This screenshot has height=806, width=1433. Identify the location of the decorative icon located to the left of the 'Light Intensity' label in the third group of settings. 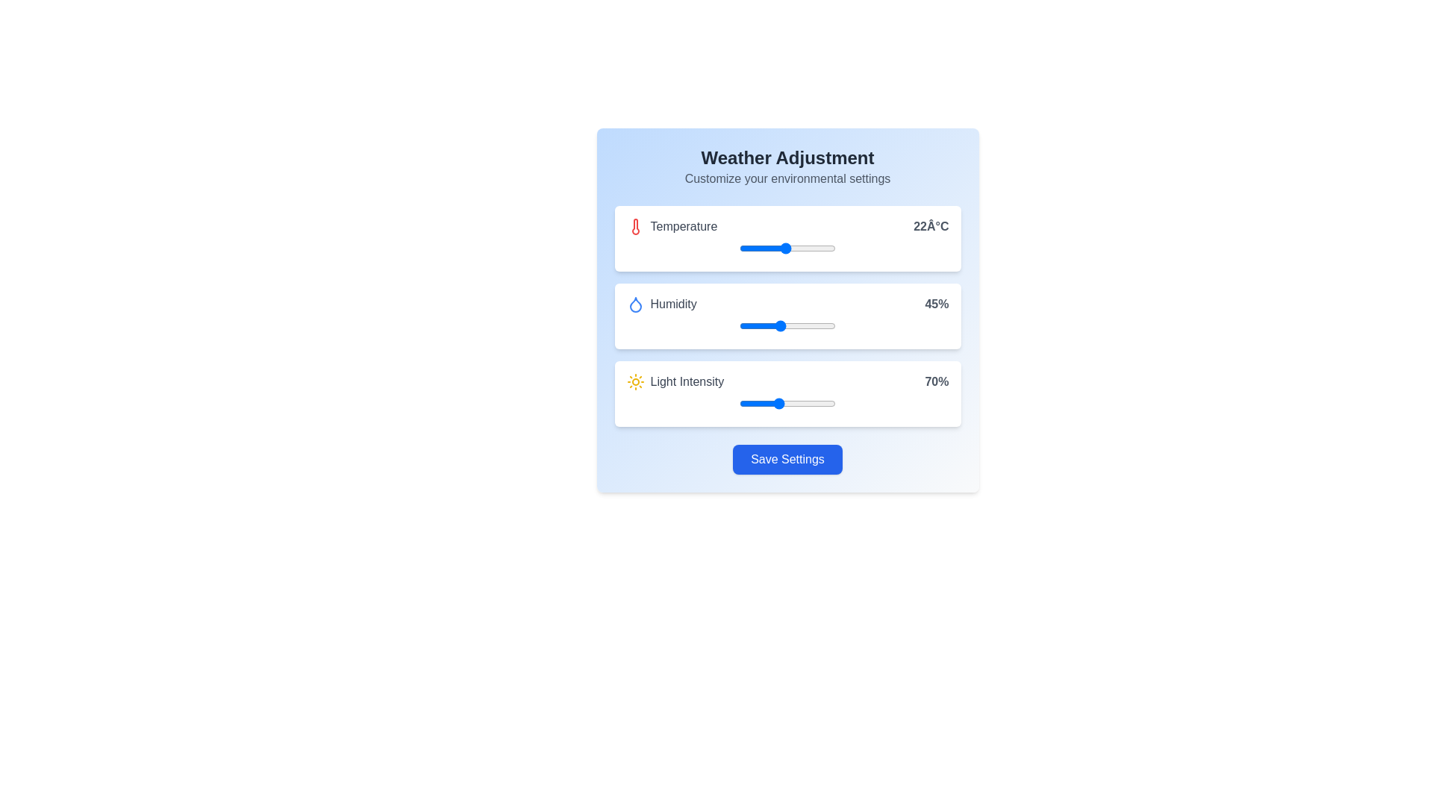
(635, 381).